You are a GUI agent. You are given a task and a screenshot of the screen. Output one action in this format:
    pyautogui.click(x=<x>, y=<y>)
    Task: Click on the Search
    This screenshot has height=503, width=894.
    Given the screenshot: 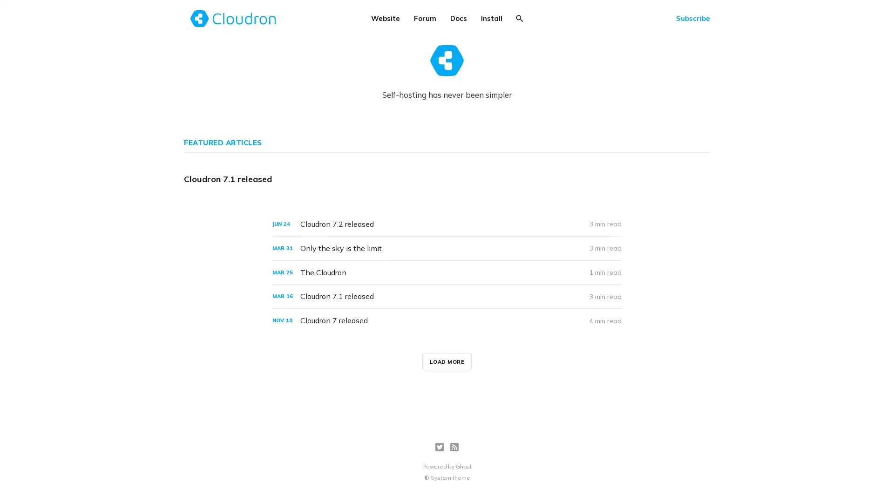 What is the action you would take?
    pyautogui.click(x=519, y=18)
    